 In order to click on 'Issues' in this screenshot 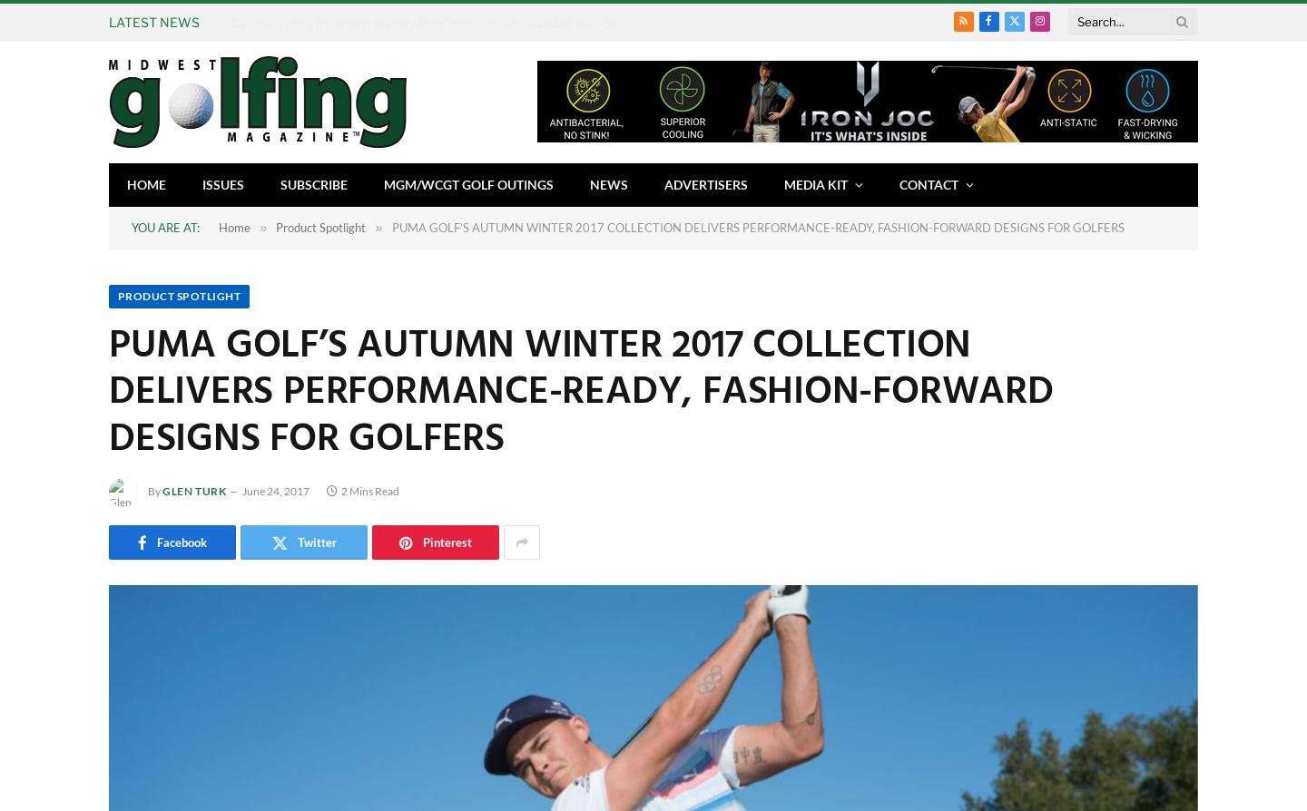, I will do `click(221, 183)`.